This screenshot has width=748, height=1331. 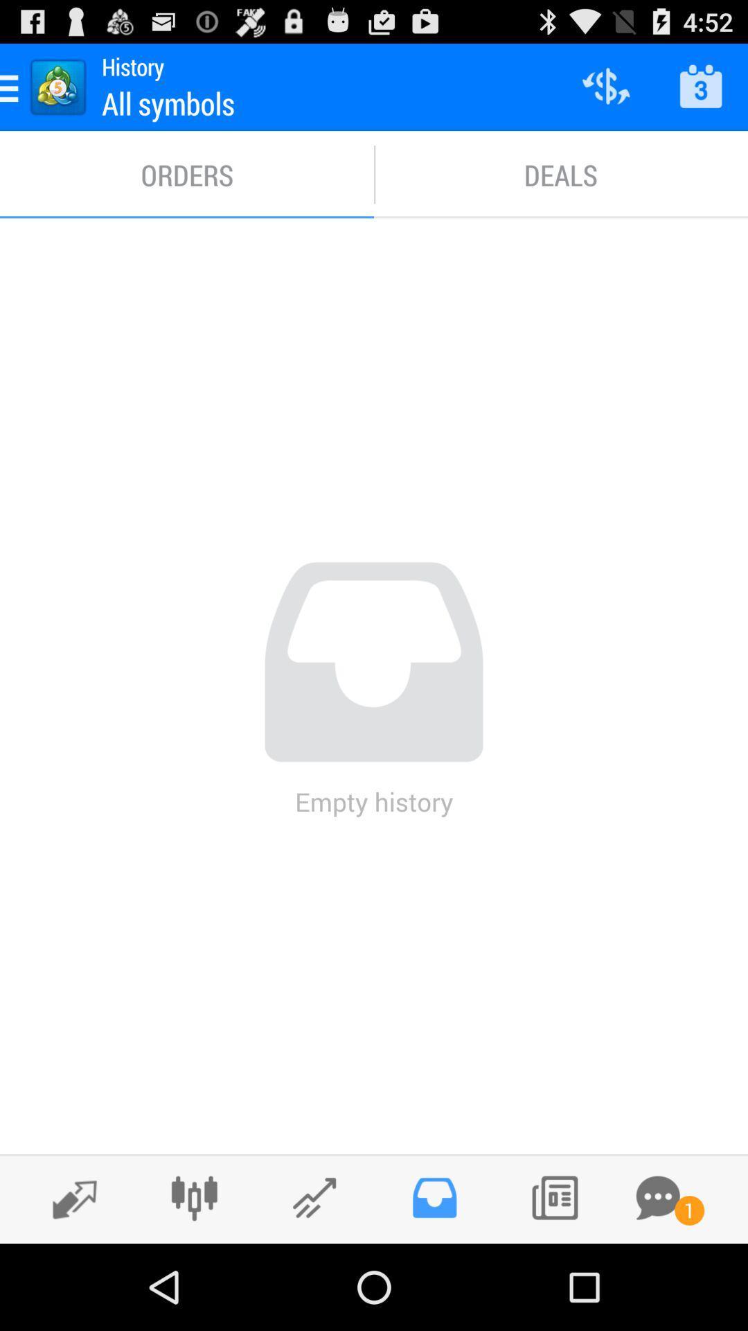 What do you see at coordinates (187, 174) in the screenshot?
I see `item above the empty history icon` at bounding box center [187, 174].